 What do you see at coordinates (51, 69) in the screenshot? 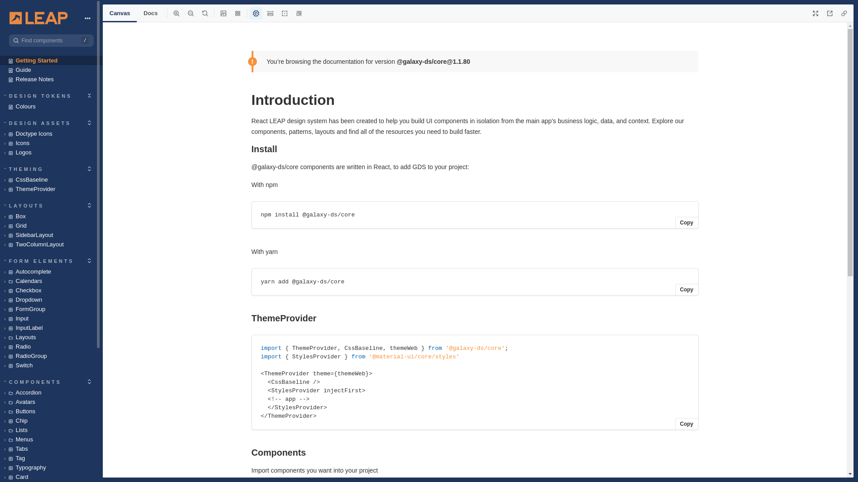
I see `'Guide'` at bounding box center [51, 69].